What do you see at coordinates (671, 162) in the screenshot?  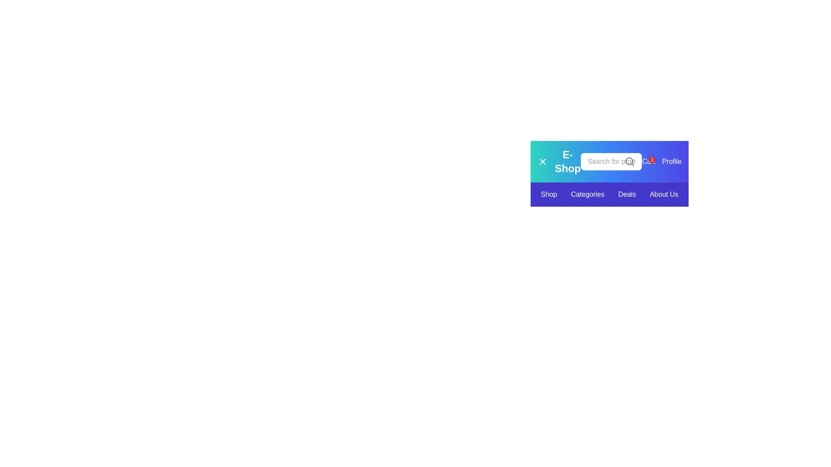 I see `the 'Profile' link located at the far-right of the navigation bar` at bounding box center [671, 162].